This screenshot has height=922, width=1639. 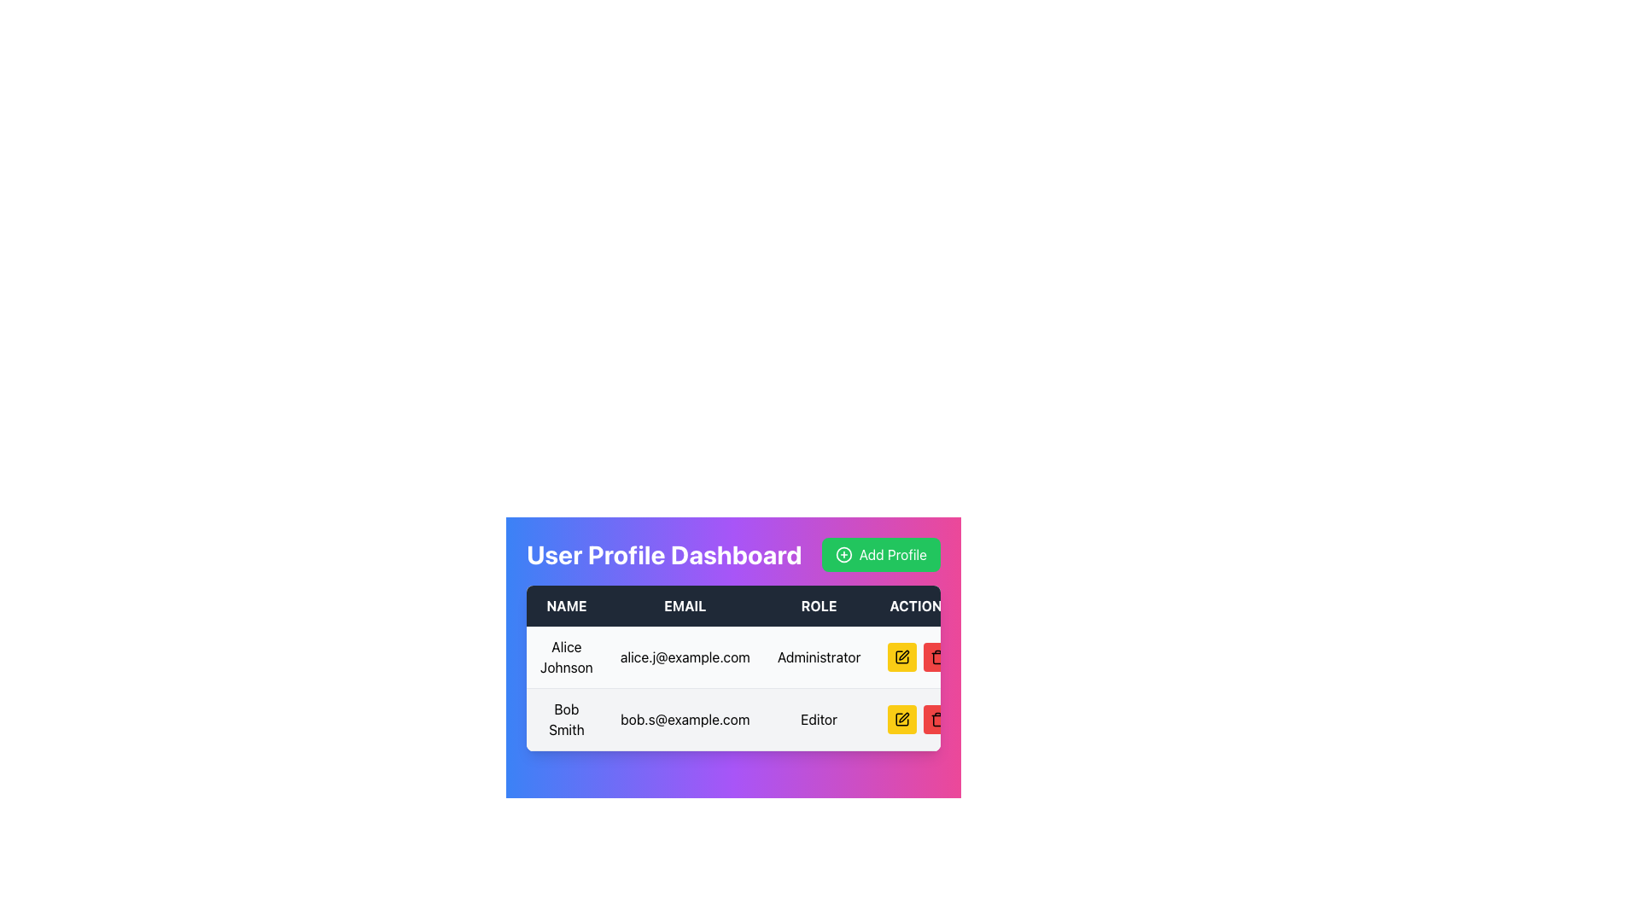 What do you see at coordinates (901, 720) in the screenshot?
I see `the edit button in the Action column for the user 'Bob Smith'` at bounding box center [901, 720].